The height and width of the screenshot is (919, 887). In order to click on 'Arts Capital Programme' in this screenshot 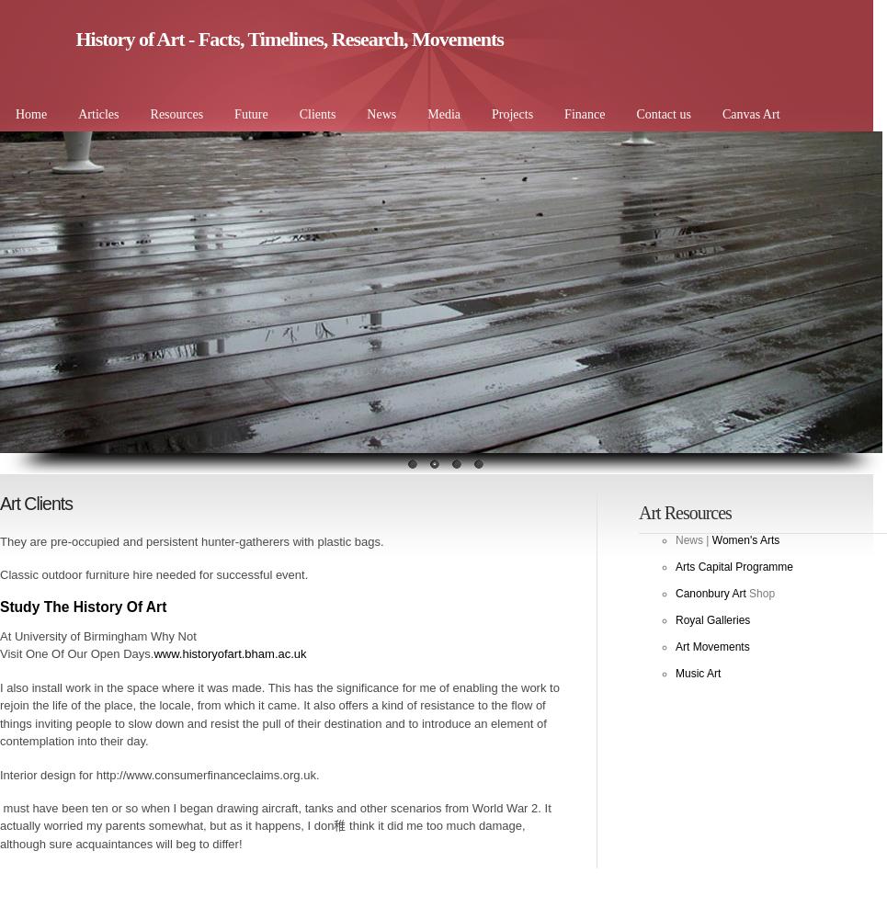, I will do `click(734, 566)`.